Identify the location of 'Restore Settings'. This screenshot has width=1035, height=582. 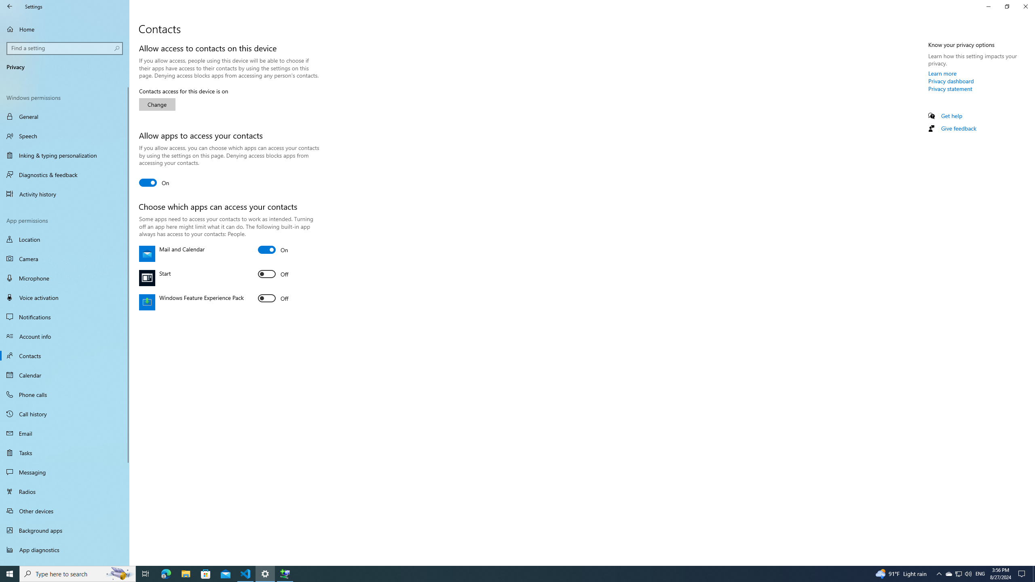
(1007, 6).